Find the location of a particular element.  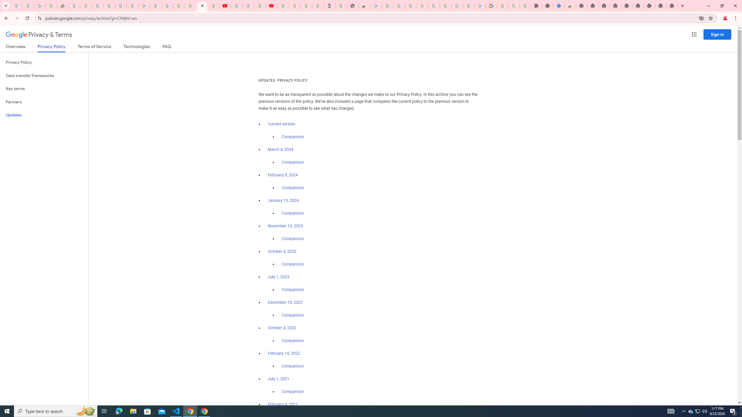

'Chrome Web Store - Household' is located at coordinates (364, 6).